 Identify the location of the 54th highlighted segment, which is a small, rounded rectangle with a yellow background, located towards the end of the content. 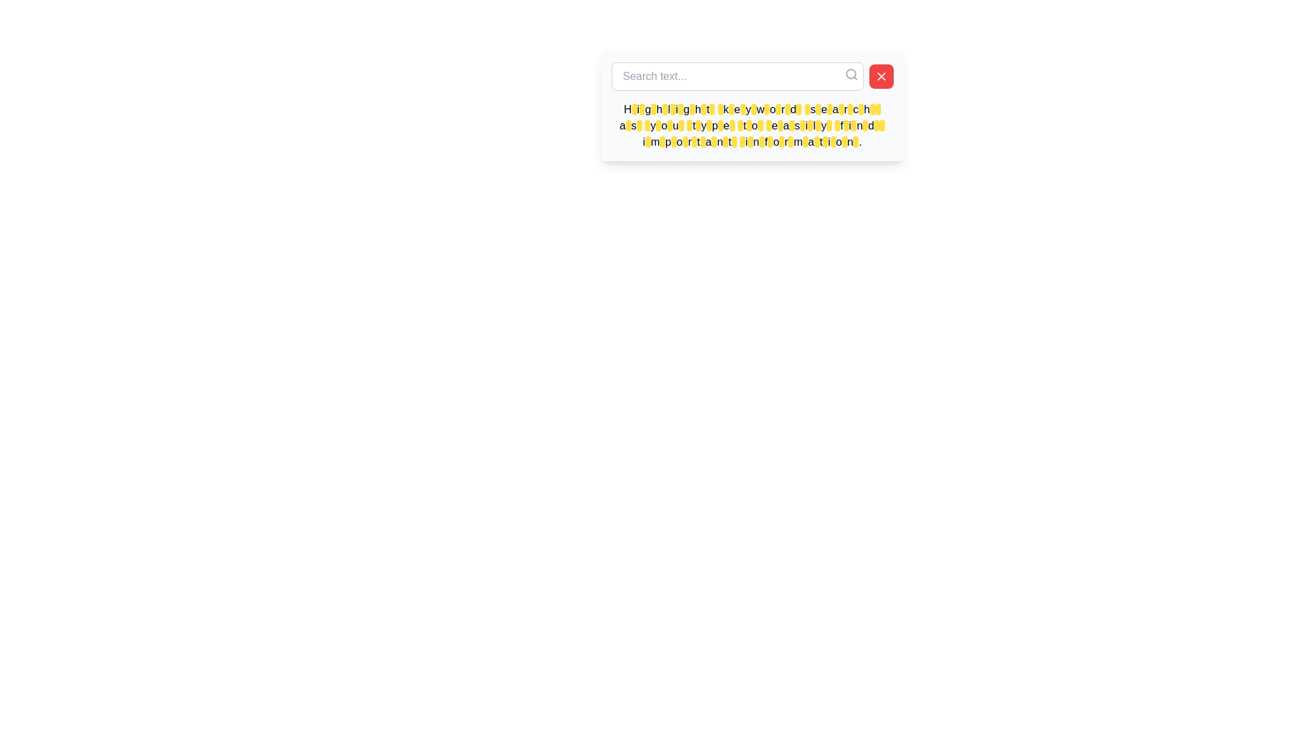
(825, 142).